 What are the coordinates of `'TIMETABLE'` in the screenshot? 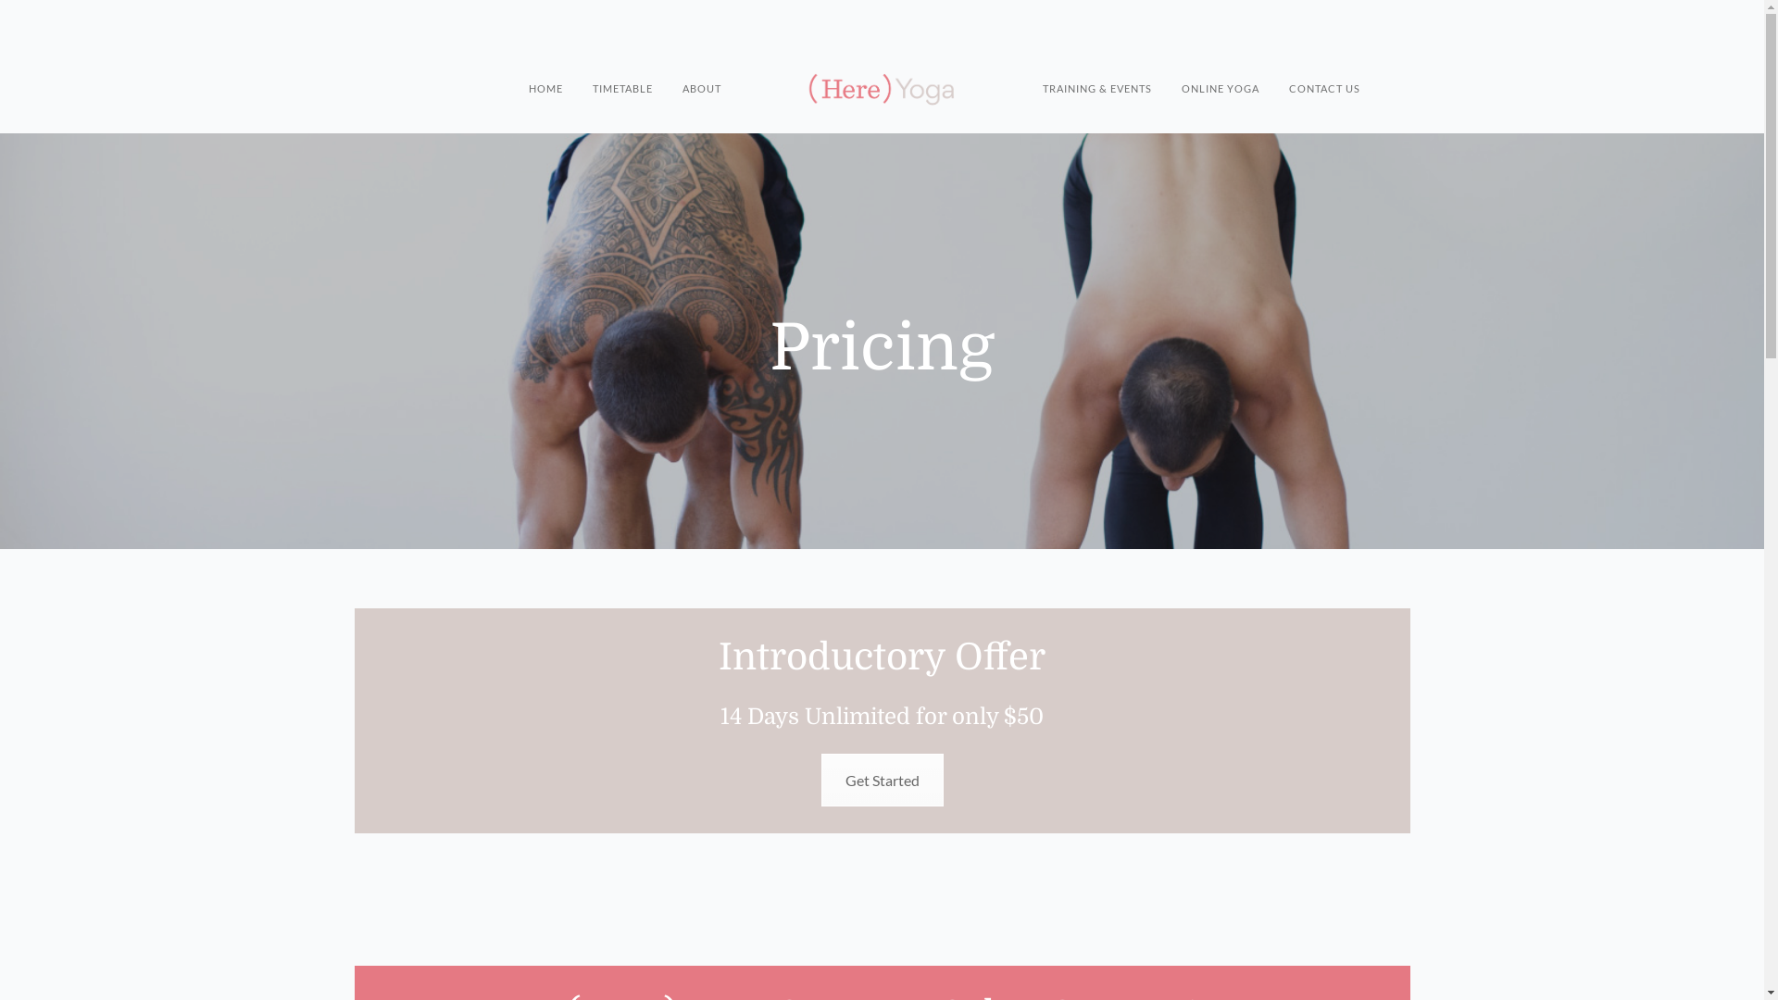 It's located at (622, 69).